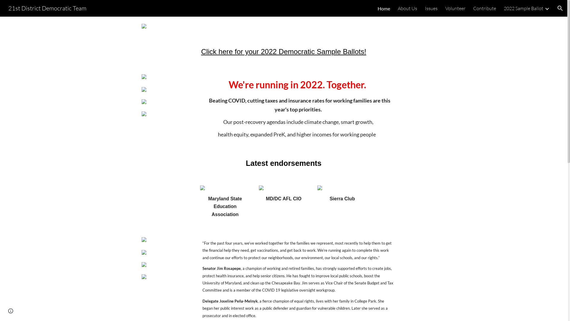 This screenshot has height=321, width=570. Describe the element at coordinates (484, 8) in the screenshot. I see `'Contribute'` at that location.